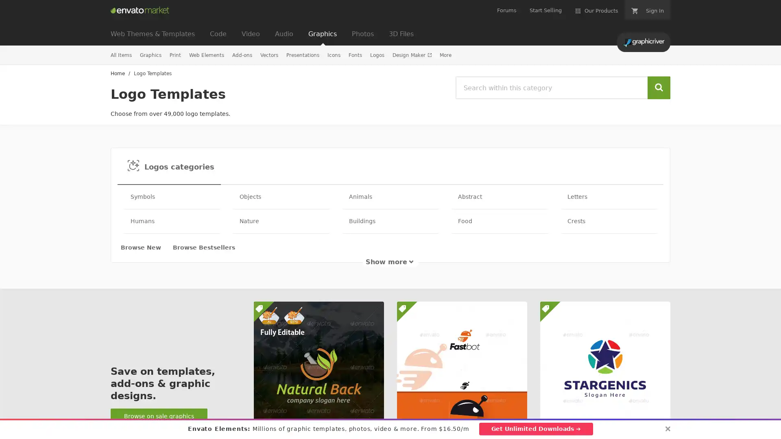 The width and height of the screenshot is (781, 439). Describe the element at coordinates (390, 262) in the screenshot. I see `Show more` at that location.